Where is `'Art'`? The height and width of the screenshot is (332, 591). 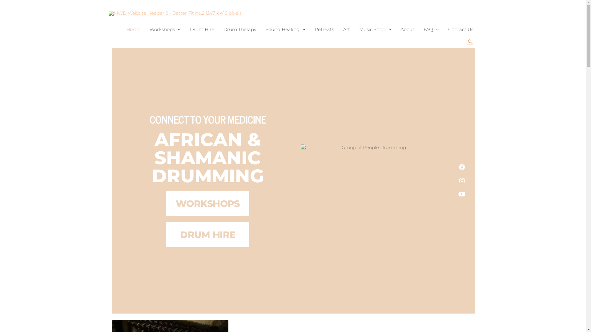 'Art' is located at coordinates (347, 30).